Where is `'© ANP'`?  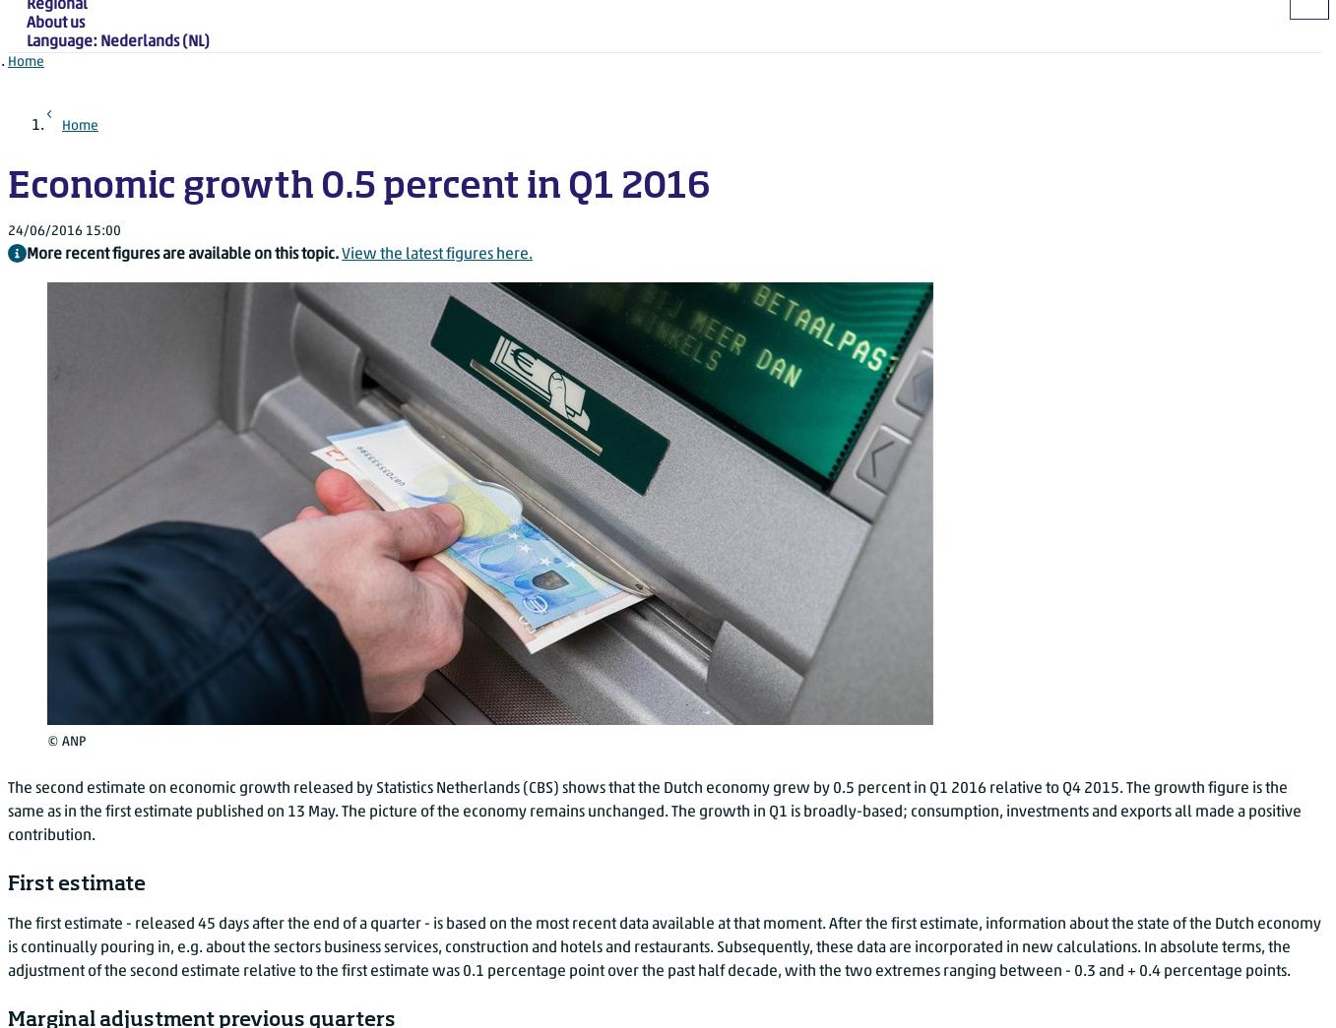 '© ANP' is located at coordinates (66, 740).